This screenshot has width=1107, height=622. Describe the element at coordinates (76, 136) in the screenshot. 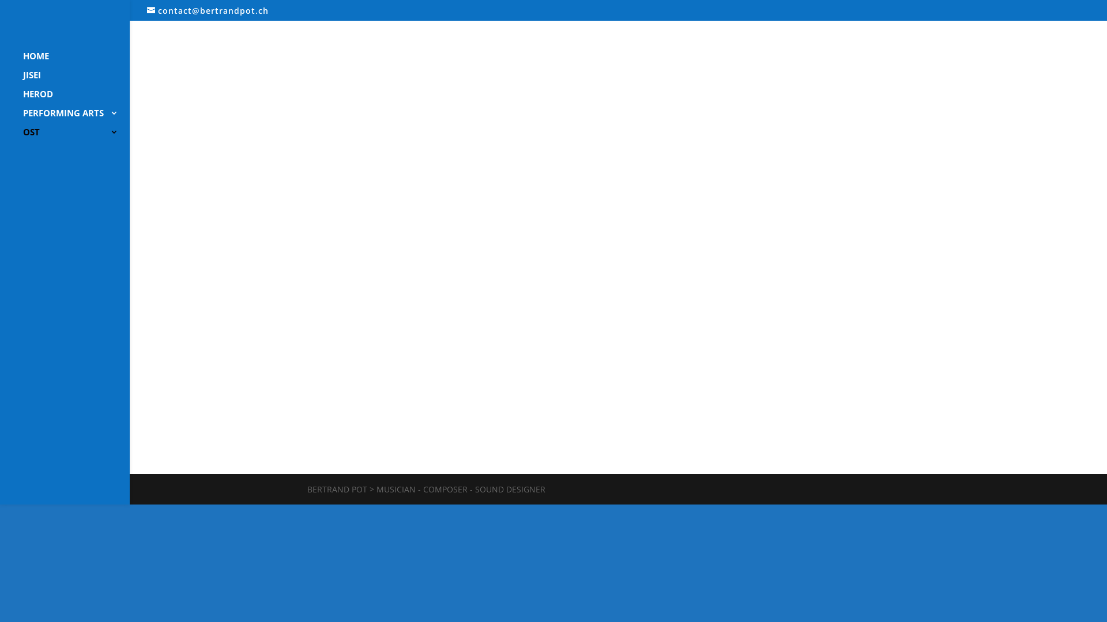

I see `'OST'` at that location.